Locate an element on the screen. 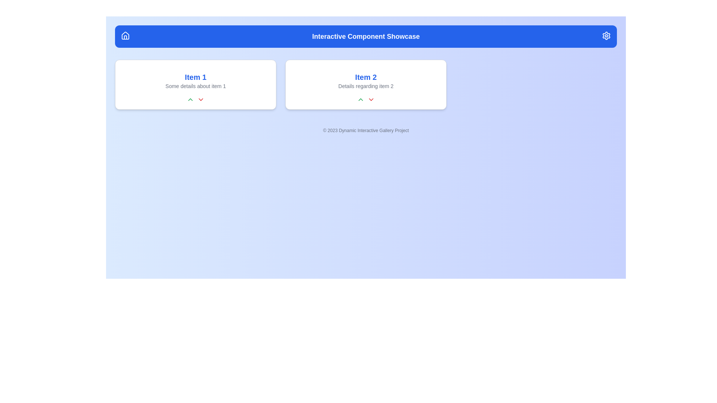 Image resolution: width=717 pixels, height=403 pixels. the upward chevron button of the interactive control located below the 'Details regarding item 2' text in the 'Item 2' card is located at coordinates (366, 99).